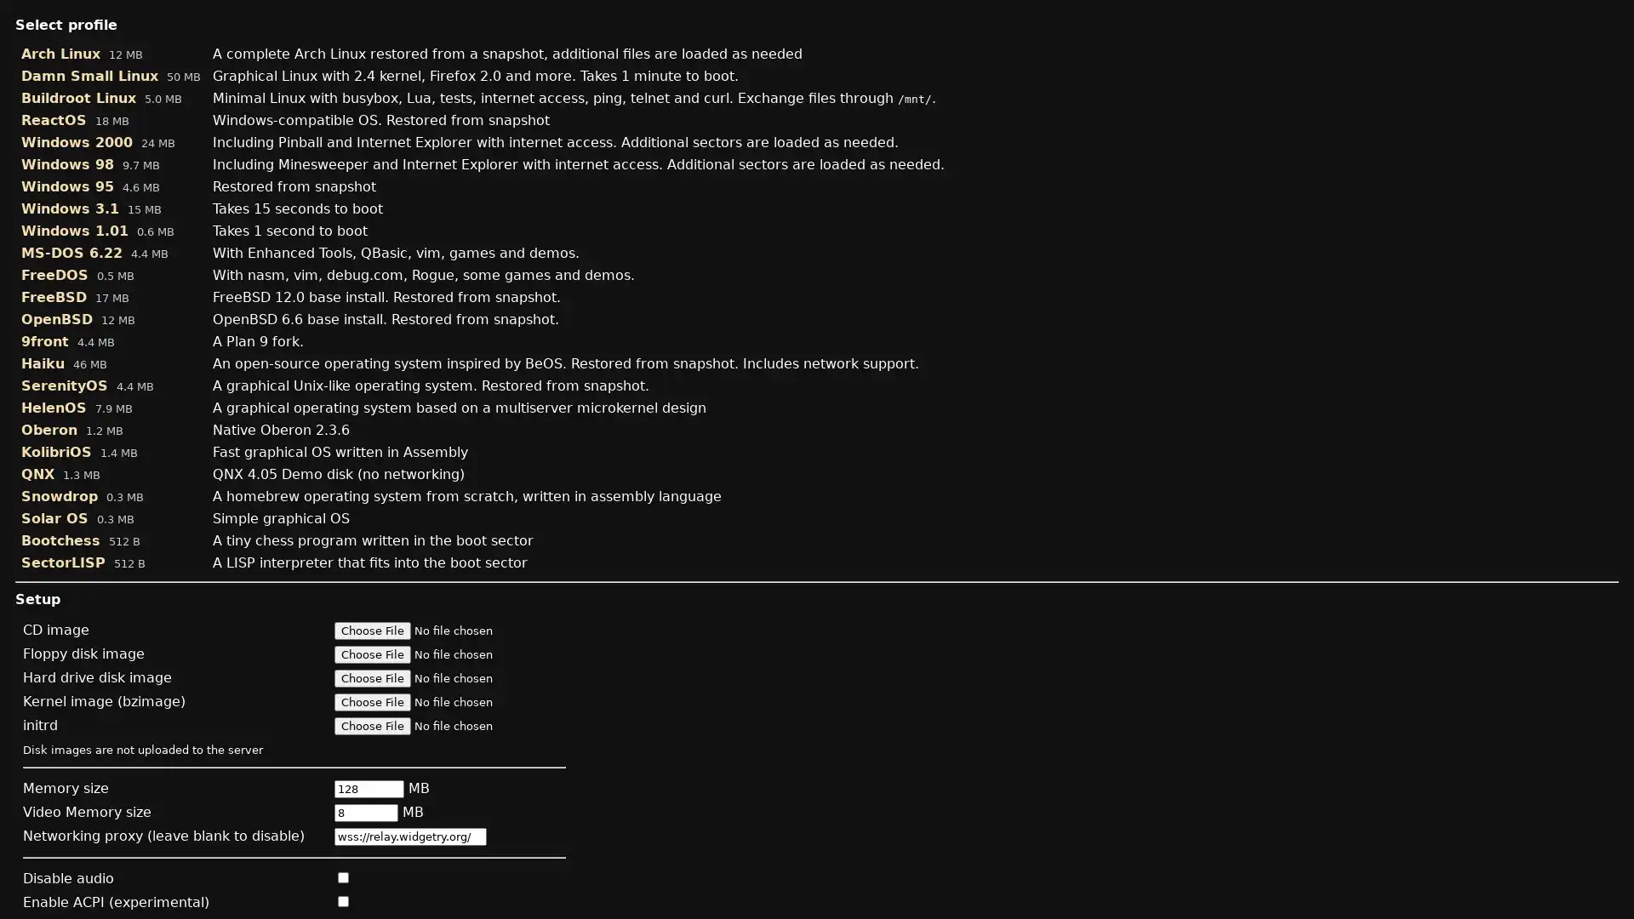 The height and width of the screenshot is (919, 1634). Describe the element at coordinates (371, 631) in the screenshot. I see `Choose File` at that location.